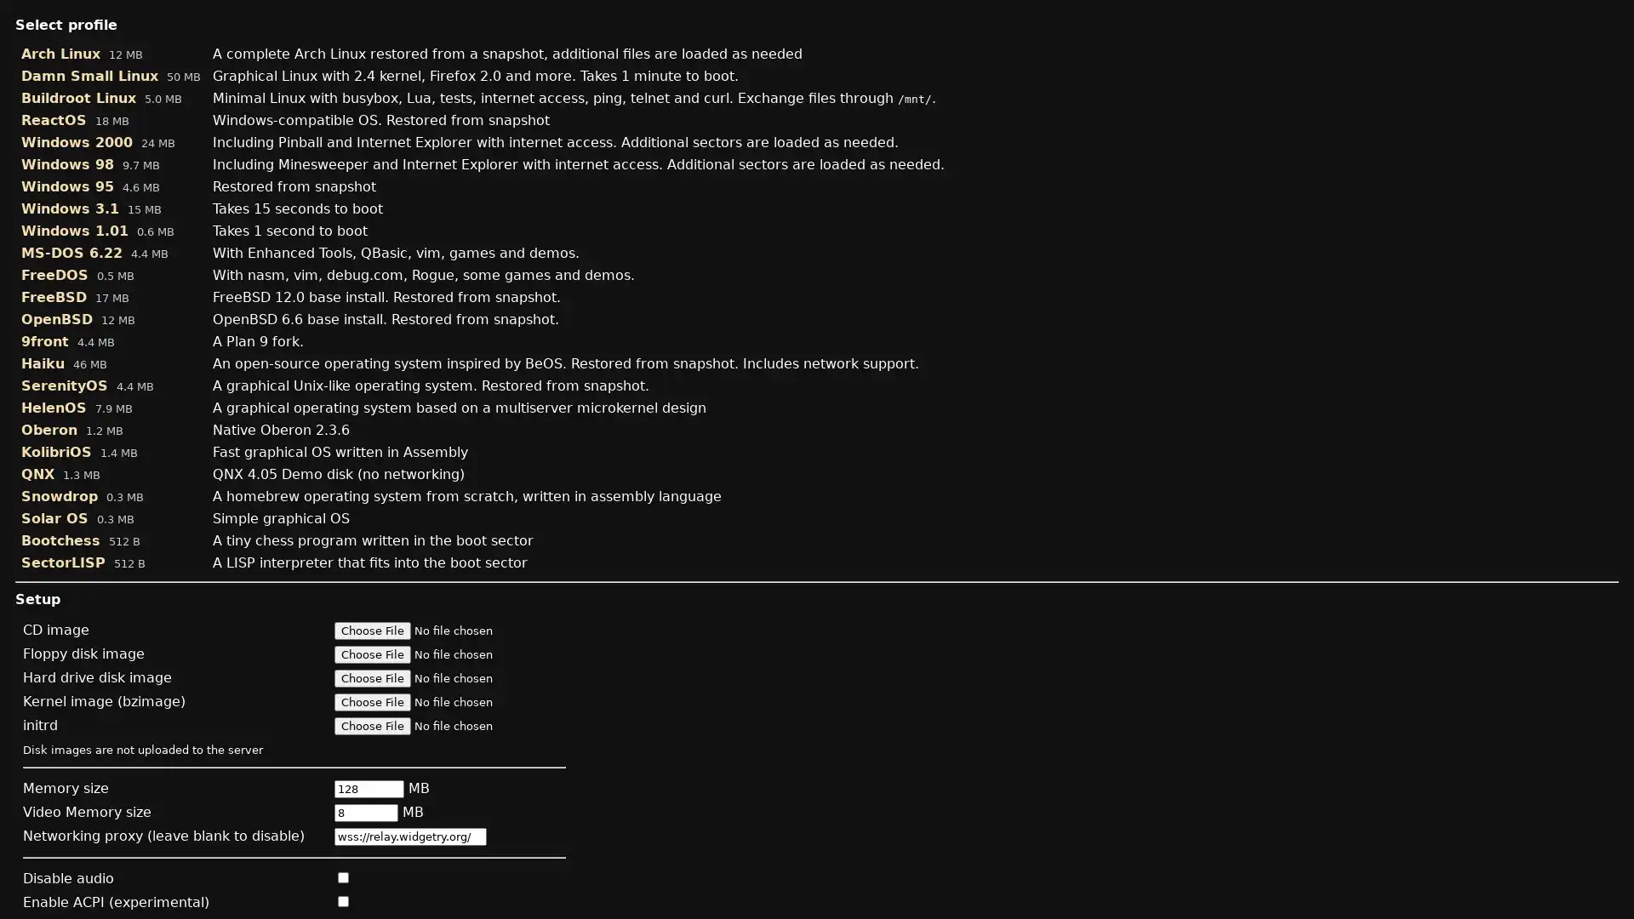 The height and width of the screenshot is (919, 1634). Describe the element at coordinates (371, 631) in the screenshot. I see `Choose File` at that location.